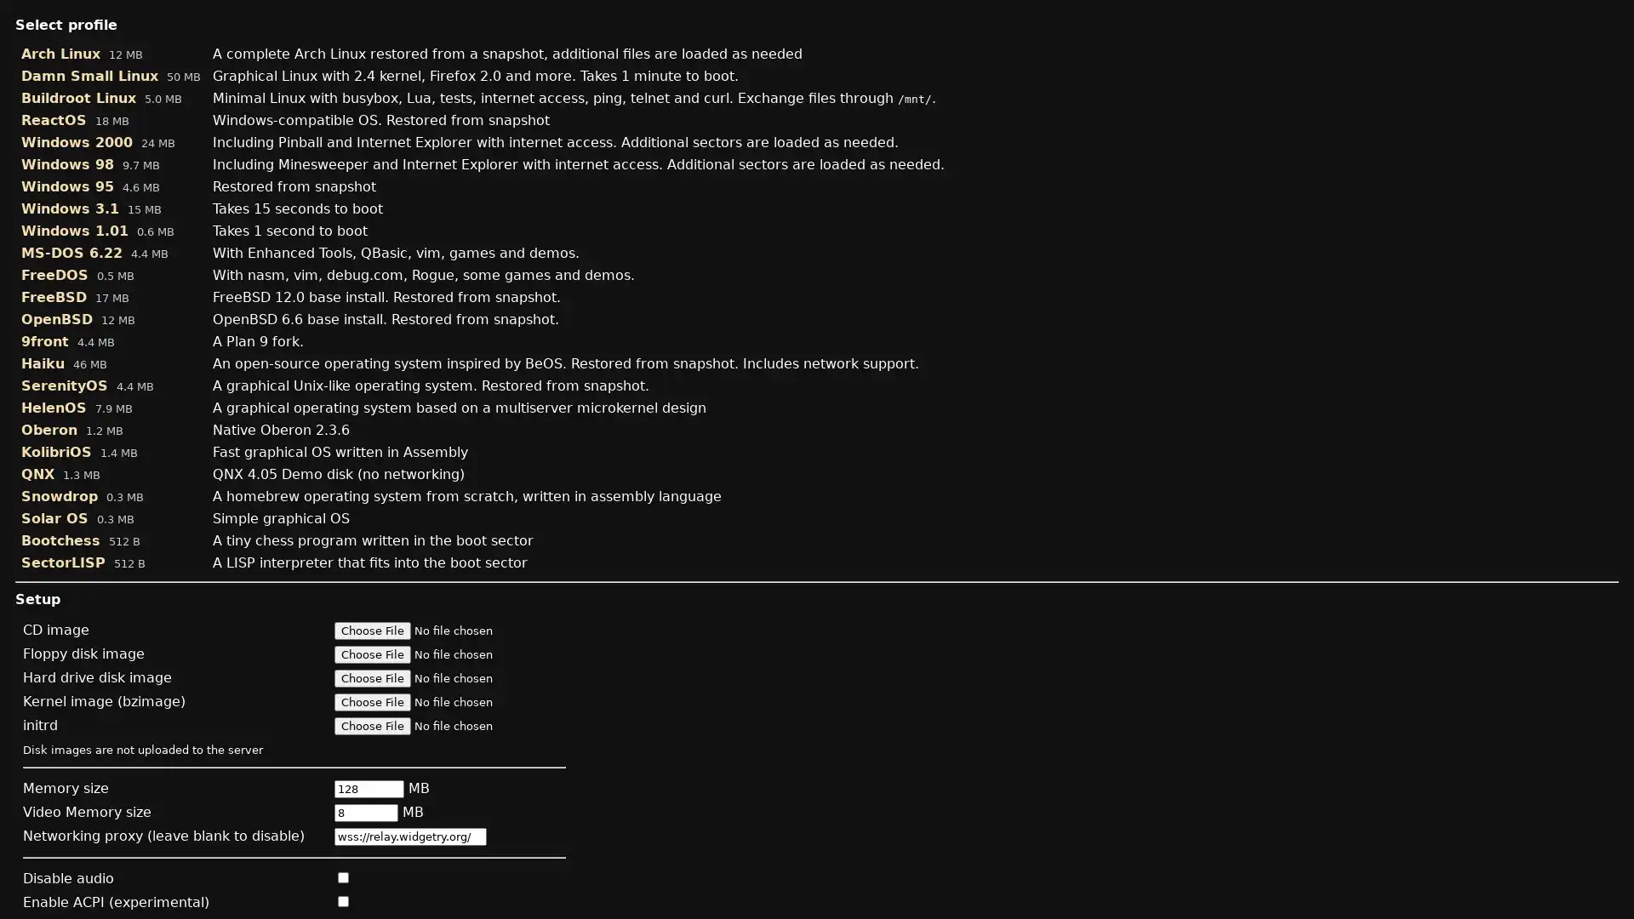 The height and width of the screenshot is (919, 1634). Describe the element at coordinates (371, 631) in the screenshot. I see `Choose File` at that location.